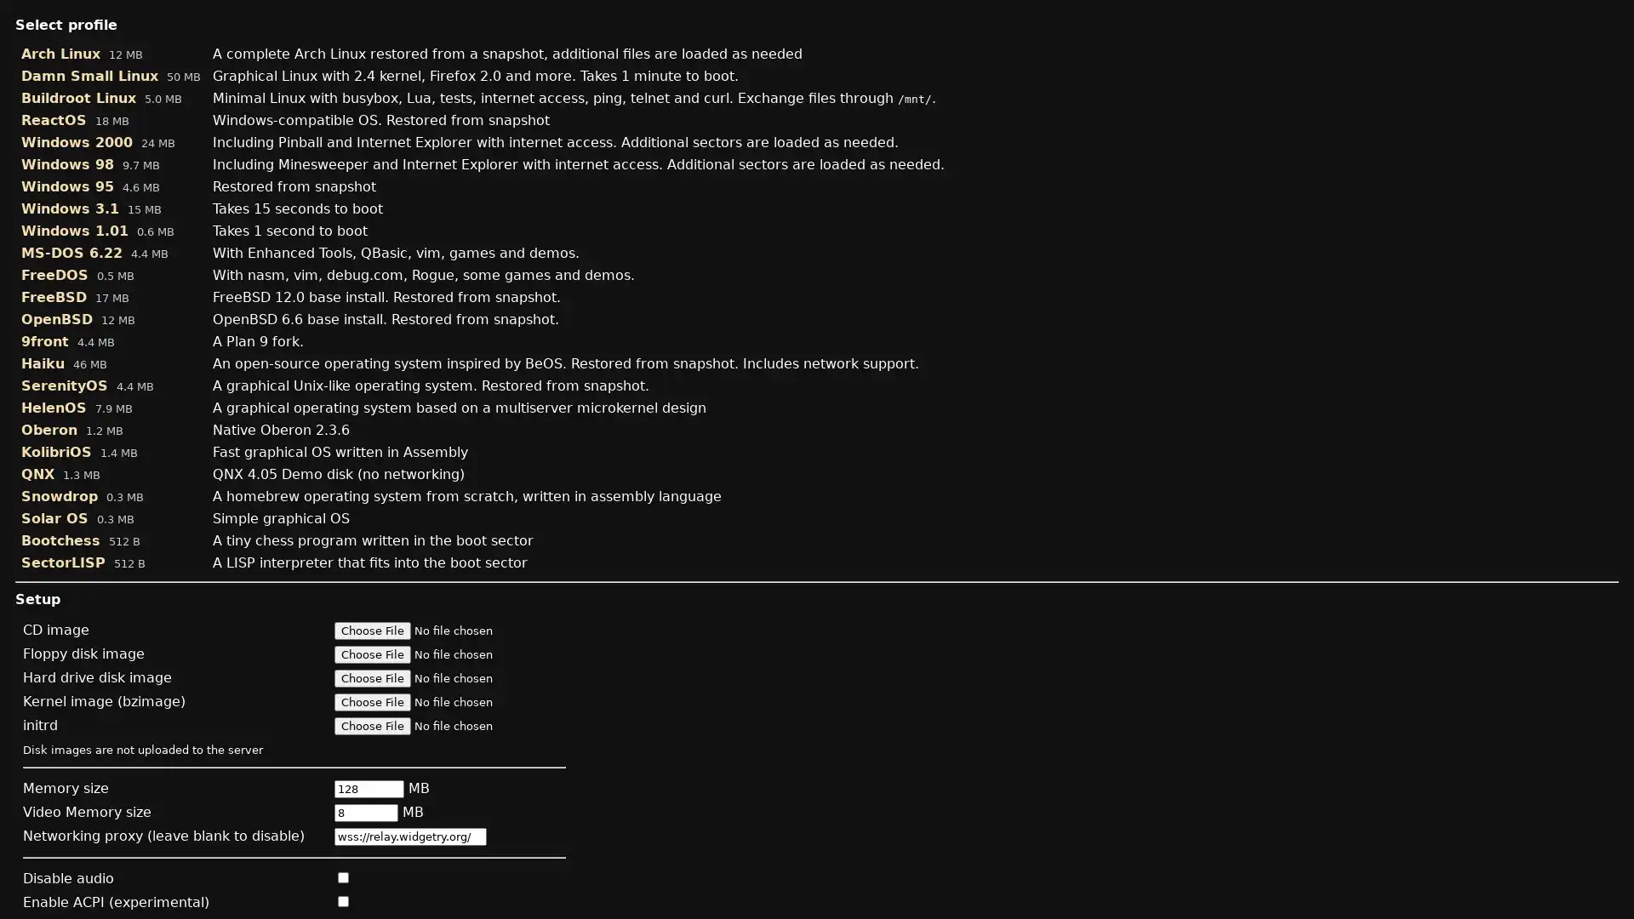 The height and width of the screenshot is (919, 1634). Describe the element at coordinates (371, 631) in the screenshot. I see `Choose File` at that location.